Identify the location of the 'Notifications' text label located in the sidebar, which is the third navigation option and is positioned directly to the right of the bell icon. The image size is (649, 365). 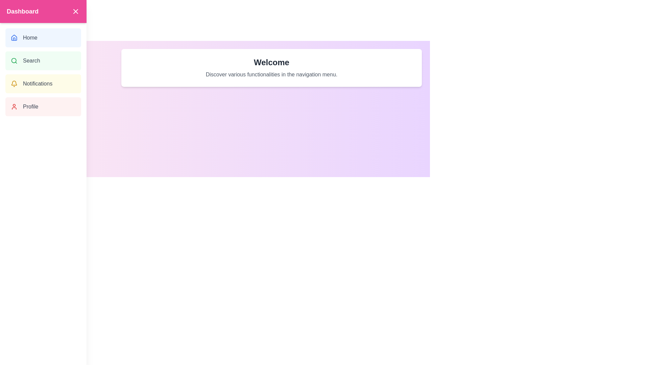
(37, 83).